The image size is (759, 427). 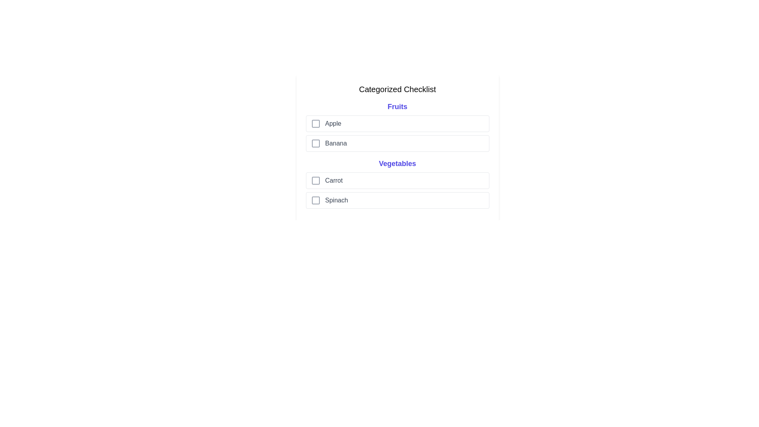 What do you see at coordinates (397, 123) in the screenshot?
I see `the checkbox labeled 'Apple' in the 'Fruits' section of the 'Categorized Checklist', which is the first entry in that category` at bounding box center [397, 123].